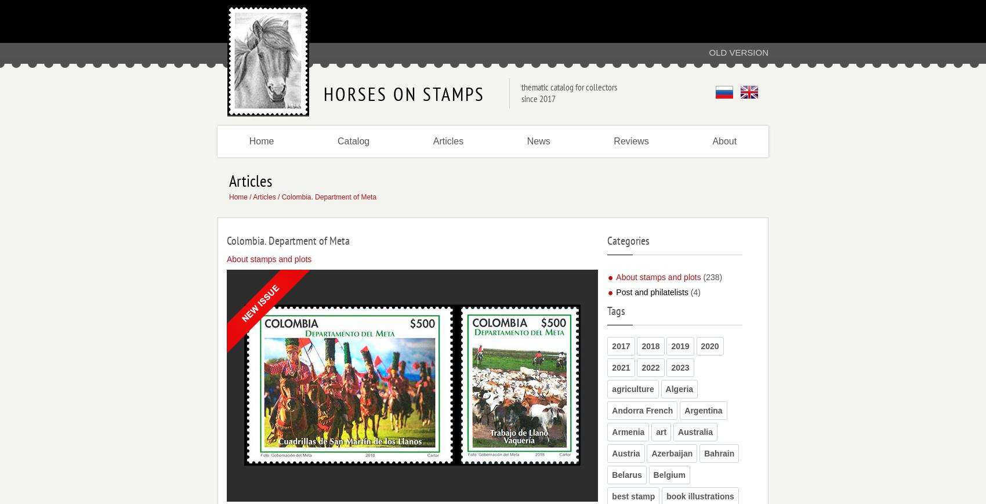 Image resolution: width=986 pixels, height=504 pixels. What do you see at coordinates (621, 368) in the screenshot?
I see `'2021'` at bounding box center [621, 368].